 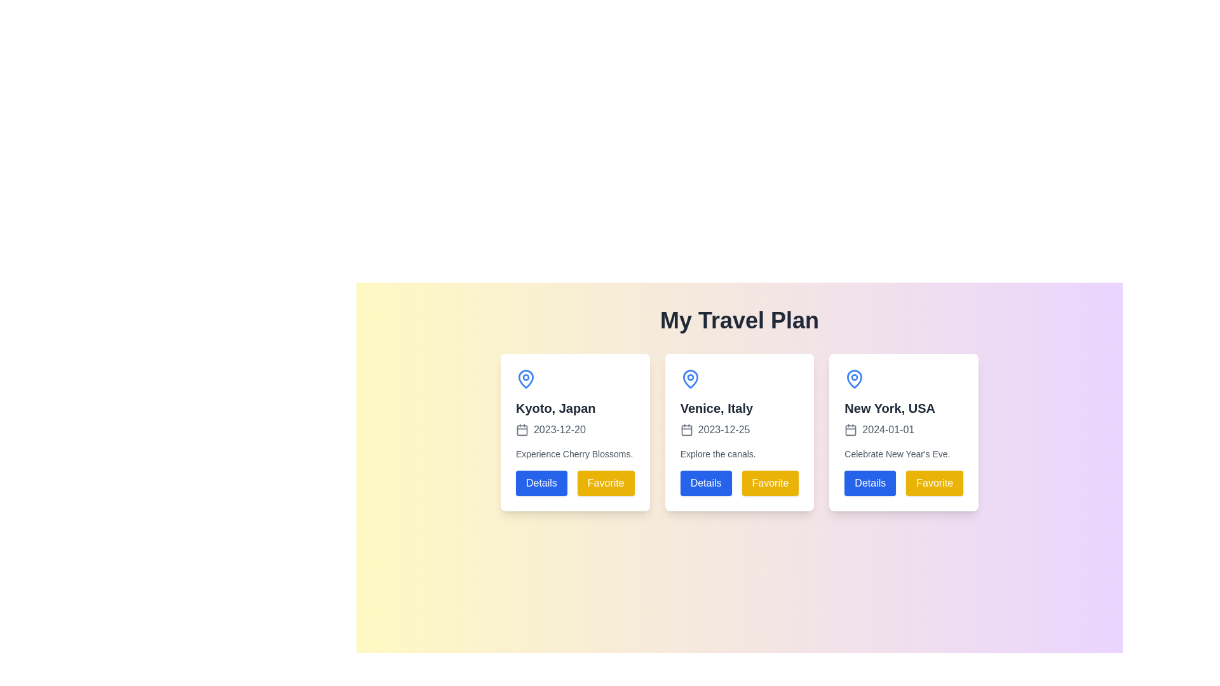 What do you see at coordinates (574, 483) in the screenshot?
I see `the 'Favorite' button, which is the right button in the blue and yellow button group below the 'Experience Cherry Blossoms' text` at bounding box center [574, 483].